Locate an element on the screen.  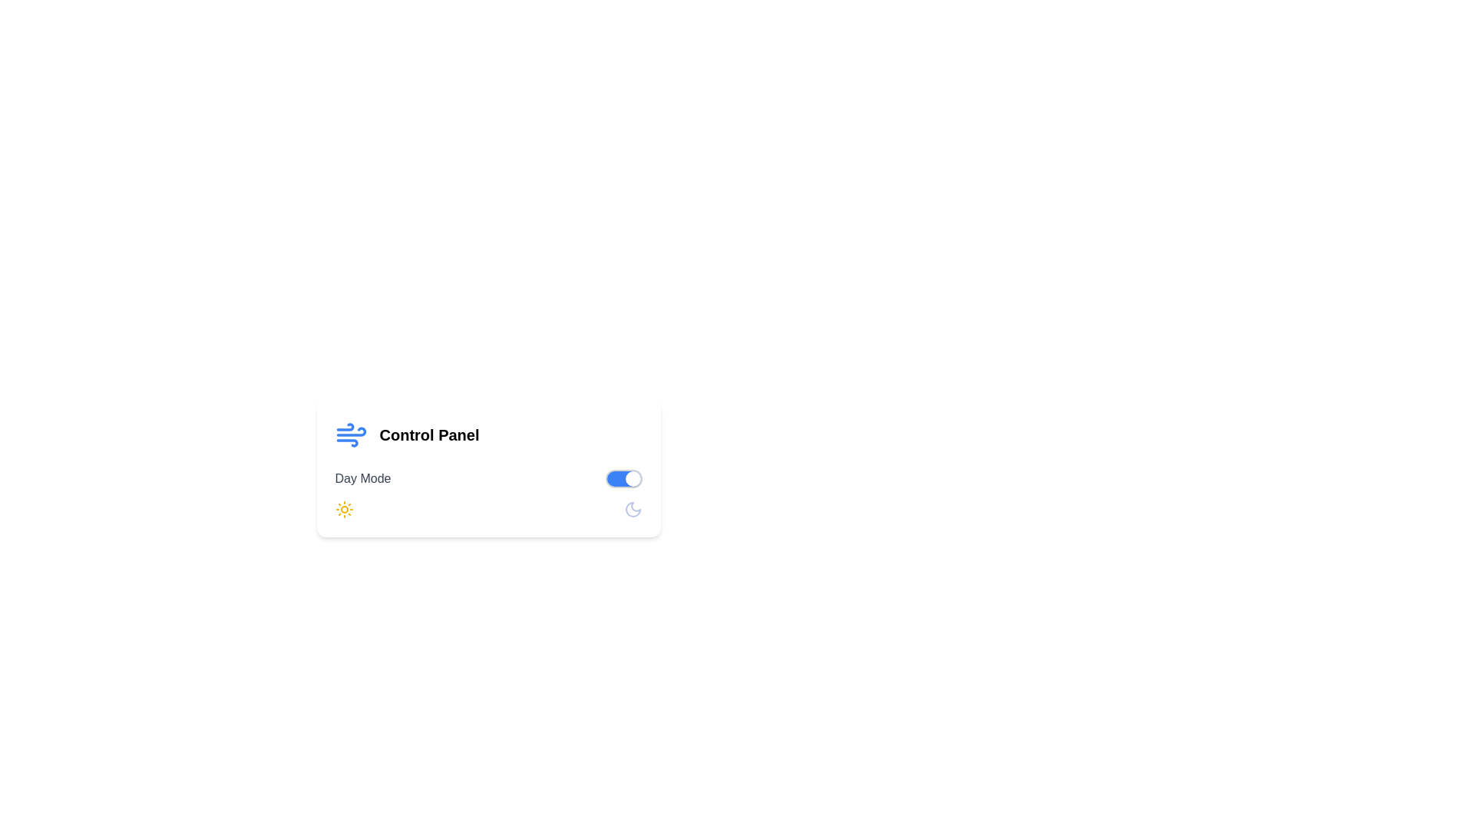
the circular sun icon, which is yellow and styled with rays is located at coordinates (343, 509).